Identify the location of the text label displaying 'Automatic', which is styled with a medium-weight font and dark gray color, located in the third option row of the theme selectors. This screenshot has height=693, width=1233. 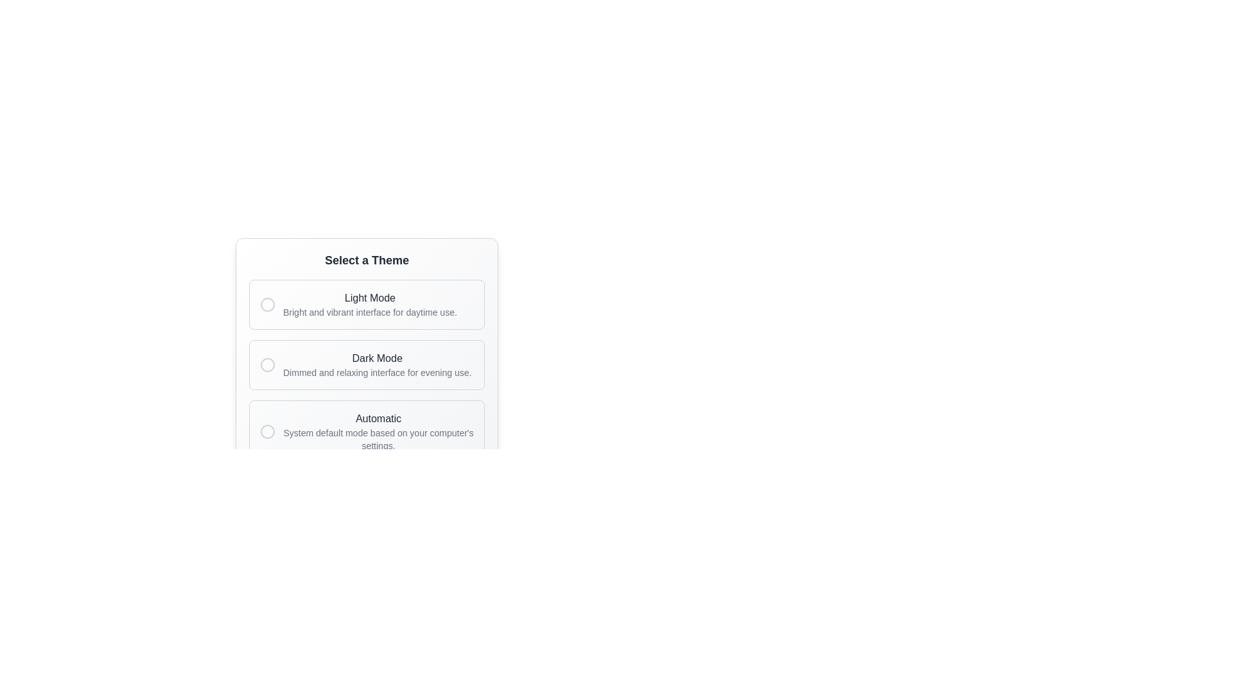
(378, 418).